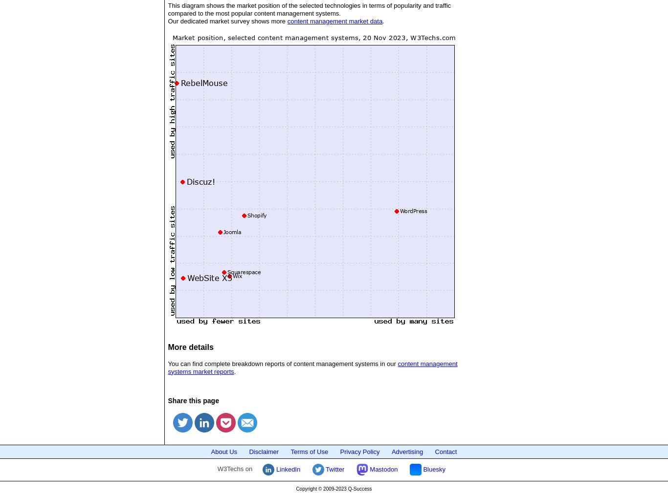 This screenshot has width=668, height=497. Describe the element at coordinates (210, 451) in the screenshot. I see `'About Us'` at that location.